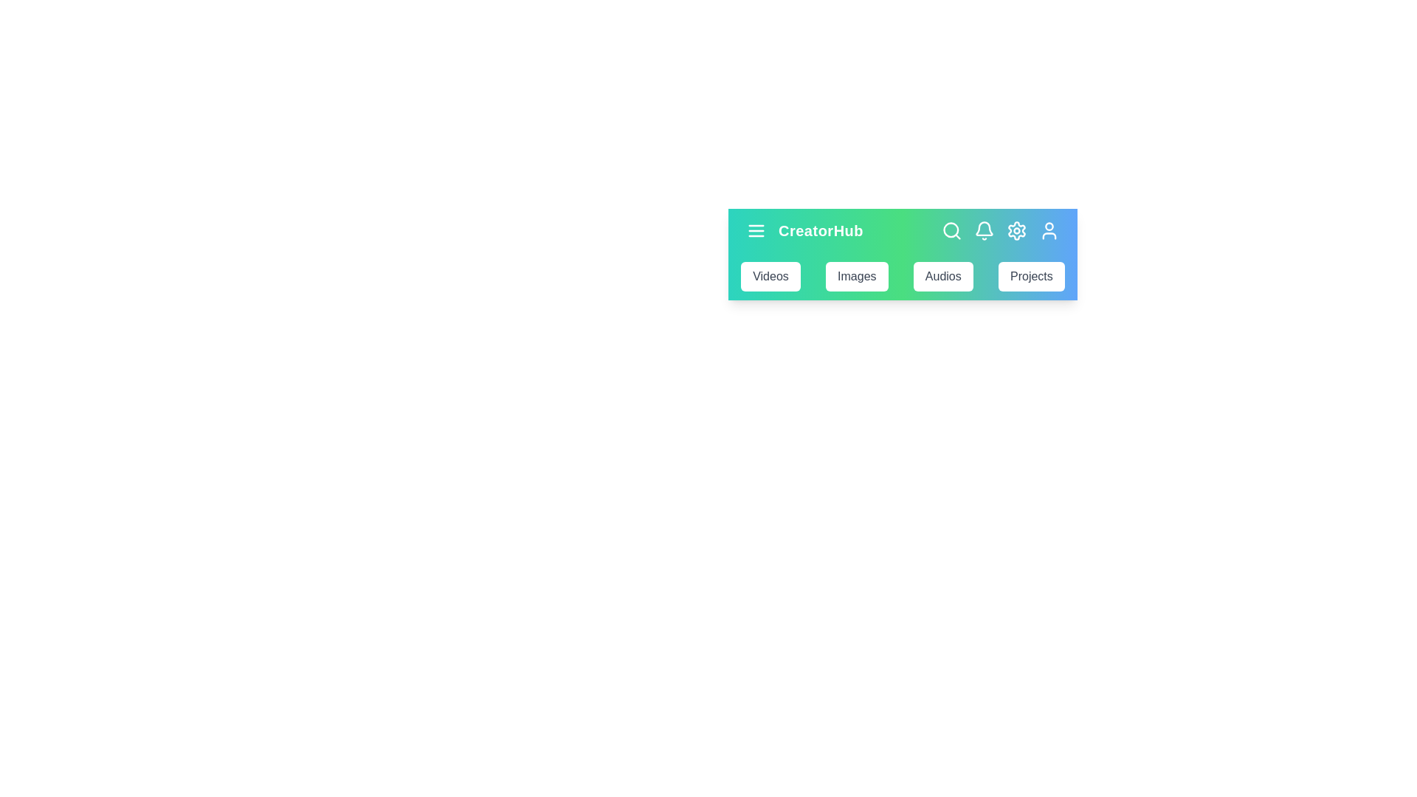  What do you see at coordinates (756, 230) in the screenshot?
I see `the menu icon to toggle the menu visibility` at bounding box center [756, 230].